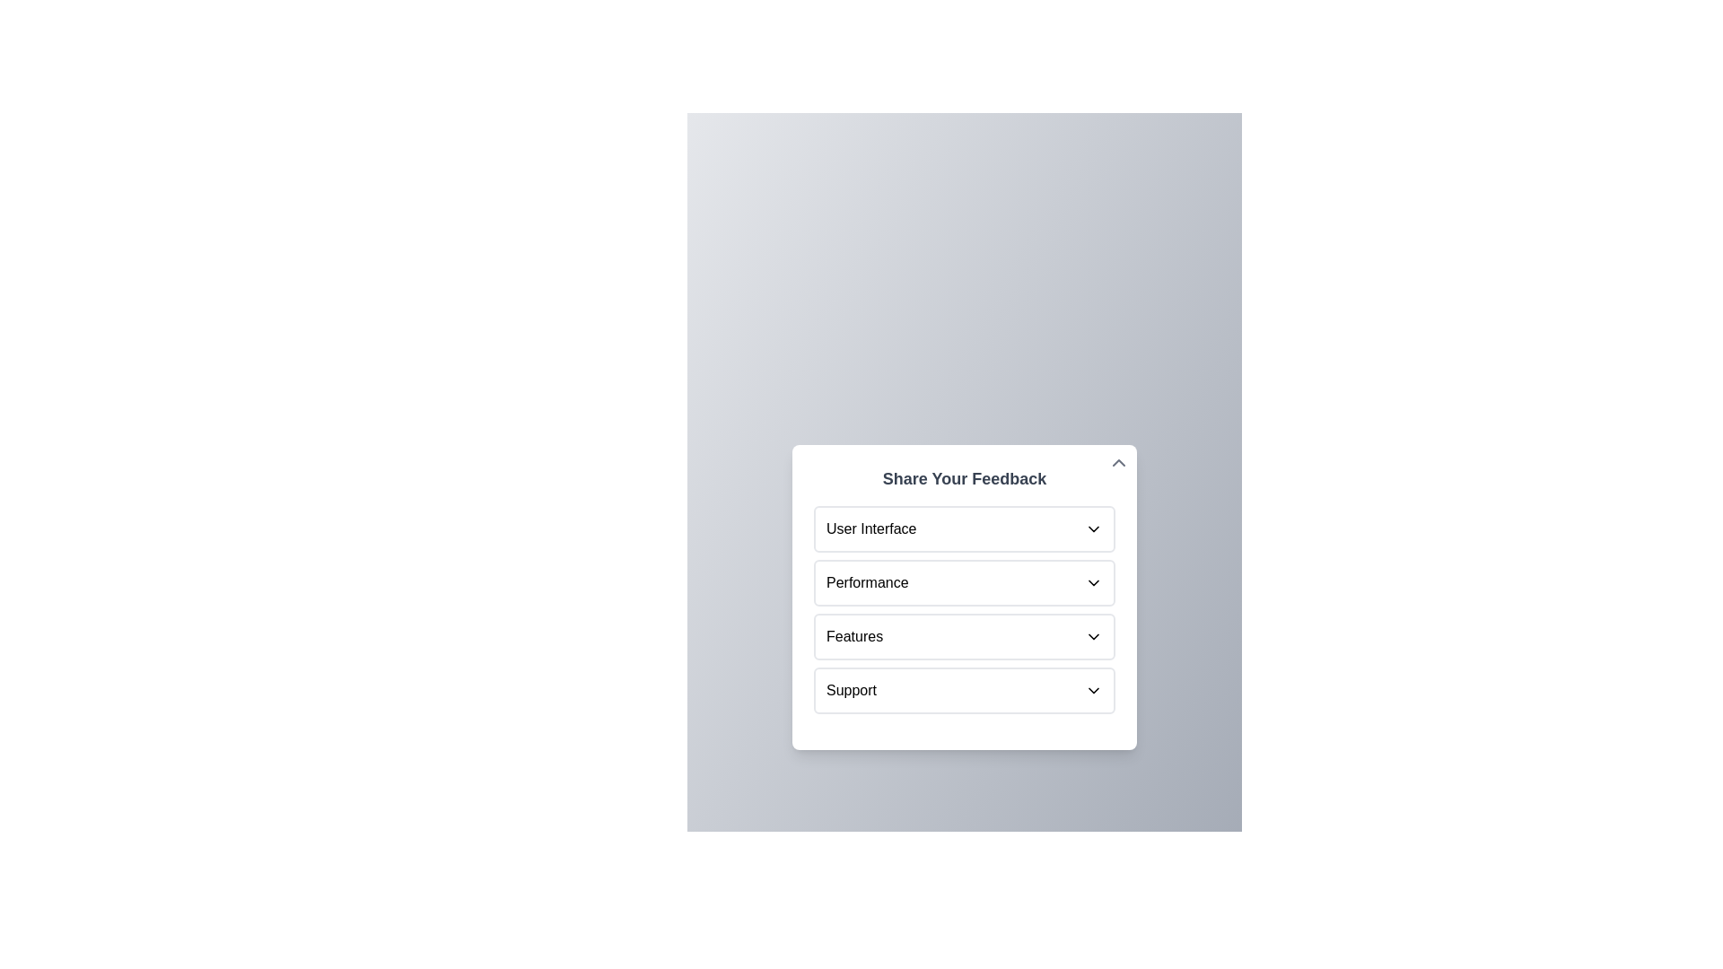 The image size is (1723, 969). I want to click on to select the 'Performance' option in the dropdown menu located beneath the 'Share Your Feedback' header, so click(867, 583).